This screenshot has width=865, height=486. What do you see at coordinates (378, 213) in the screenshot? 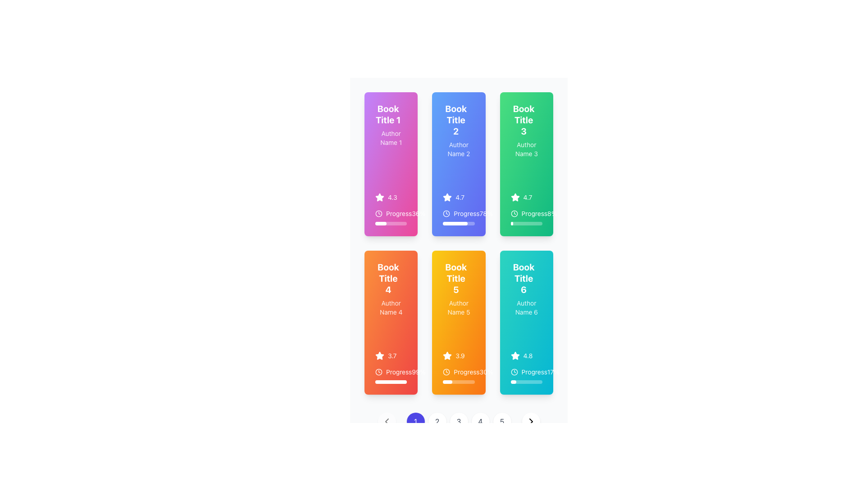
I see `SVG circle element, which is a circular component with a diameter of 20 pixels and styled with a 2-pixel-wide stroke, located at the center of the clock icon in the second column of UI cards in the second row` at bounding box center [378, 213].